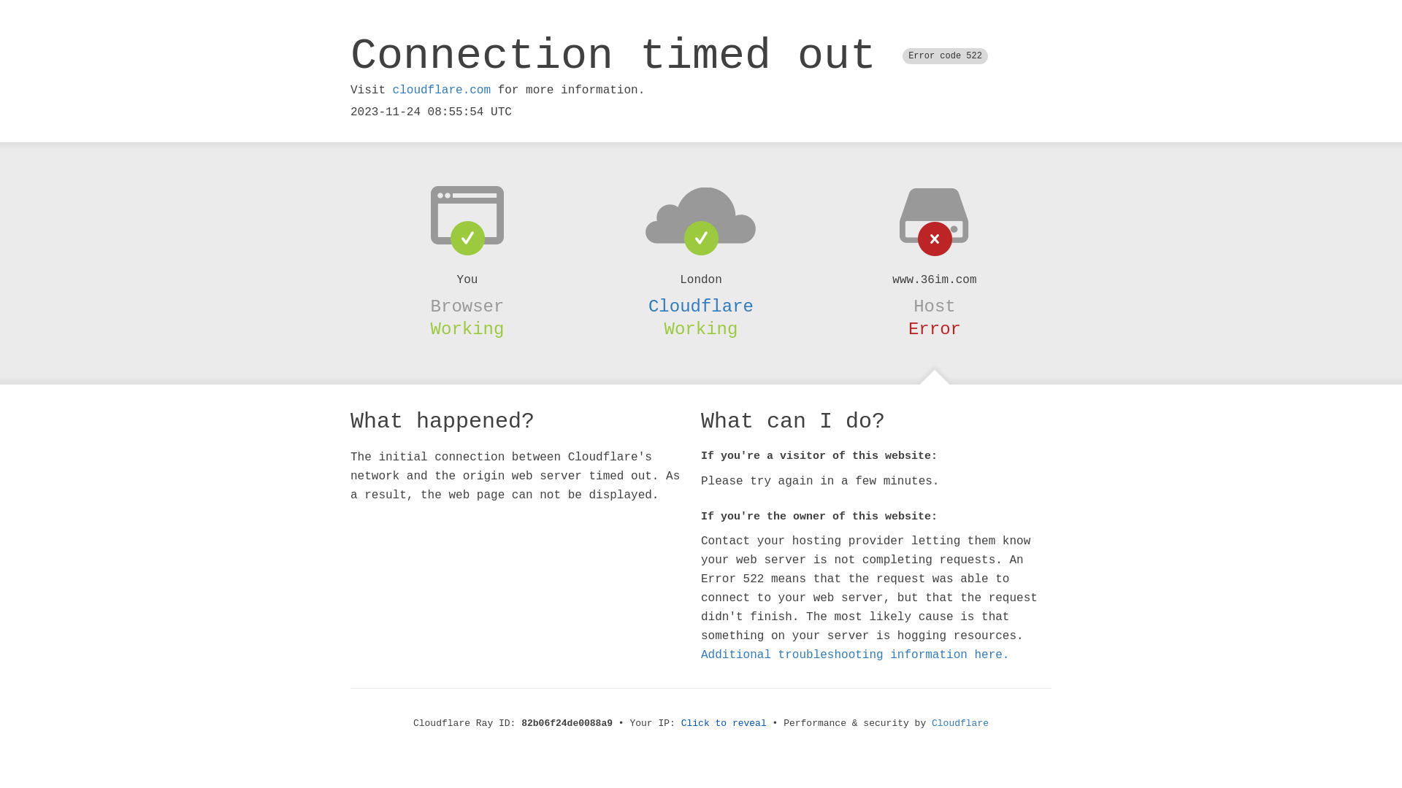  Describe the element at coordinates (855, 654) in the screenshot. I see `'Additional troubleshooting information here.'` at that location.